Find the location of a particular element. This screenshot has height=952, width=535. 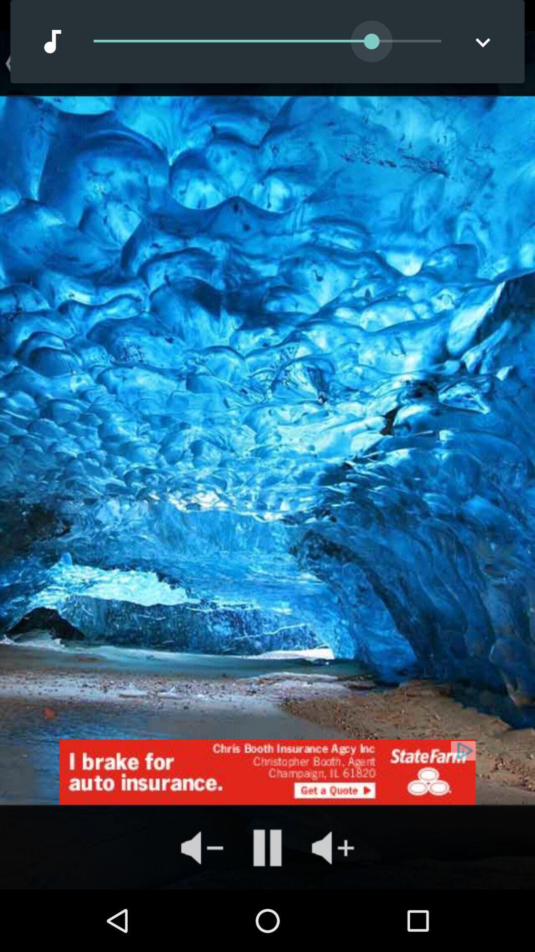

the volume icon is located at coordinates (202, 847).